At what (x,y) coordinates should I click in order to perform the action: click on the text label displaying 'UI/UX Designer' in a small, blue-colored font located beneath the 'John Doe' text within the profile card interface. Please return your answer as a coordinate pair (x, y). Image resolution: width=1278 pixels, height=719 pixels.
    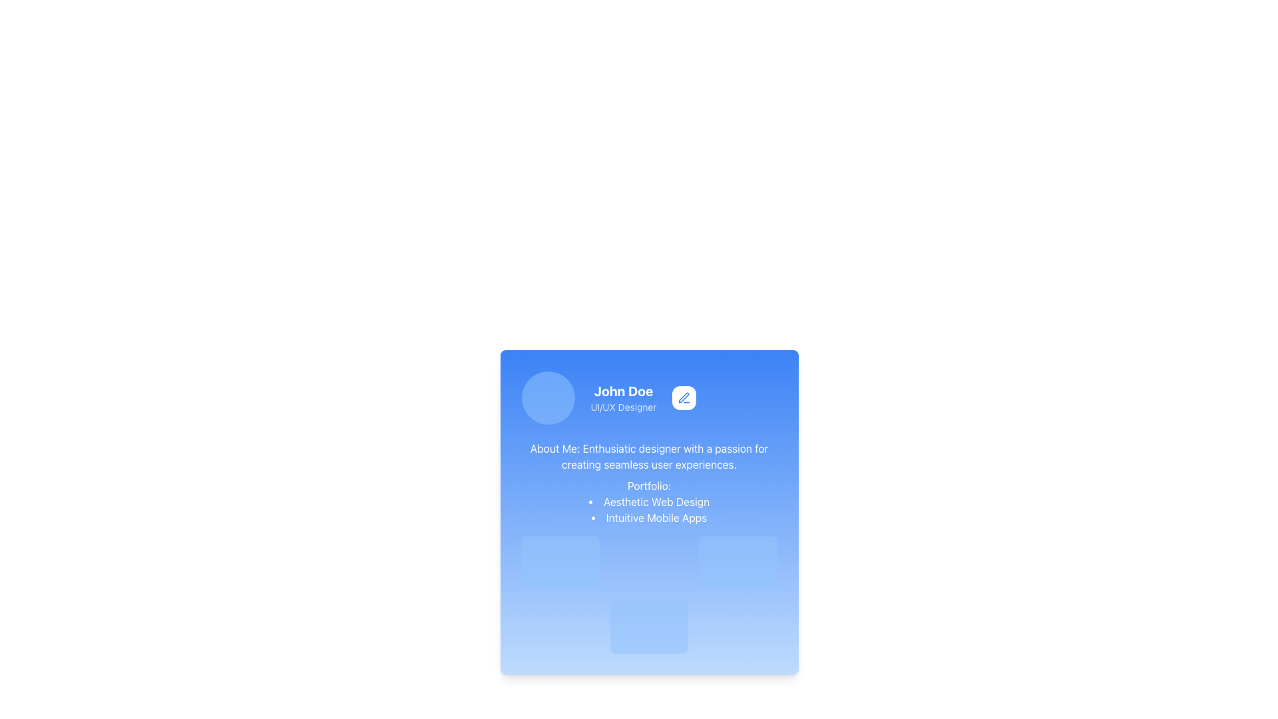
    Looking at the image, I should click on (622, 407).